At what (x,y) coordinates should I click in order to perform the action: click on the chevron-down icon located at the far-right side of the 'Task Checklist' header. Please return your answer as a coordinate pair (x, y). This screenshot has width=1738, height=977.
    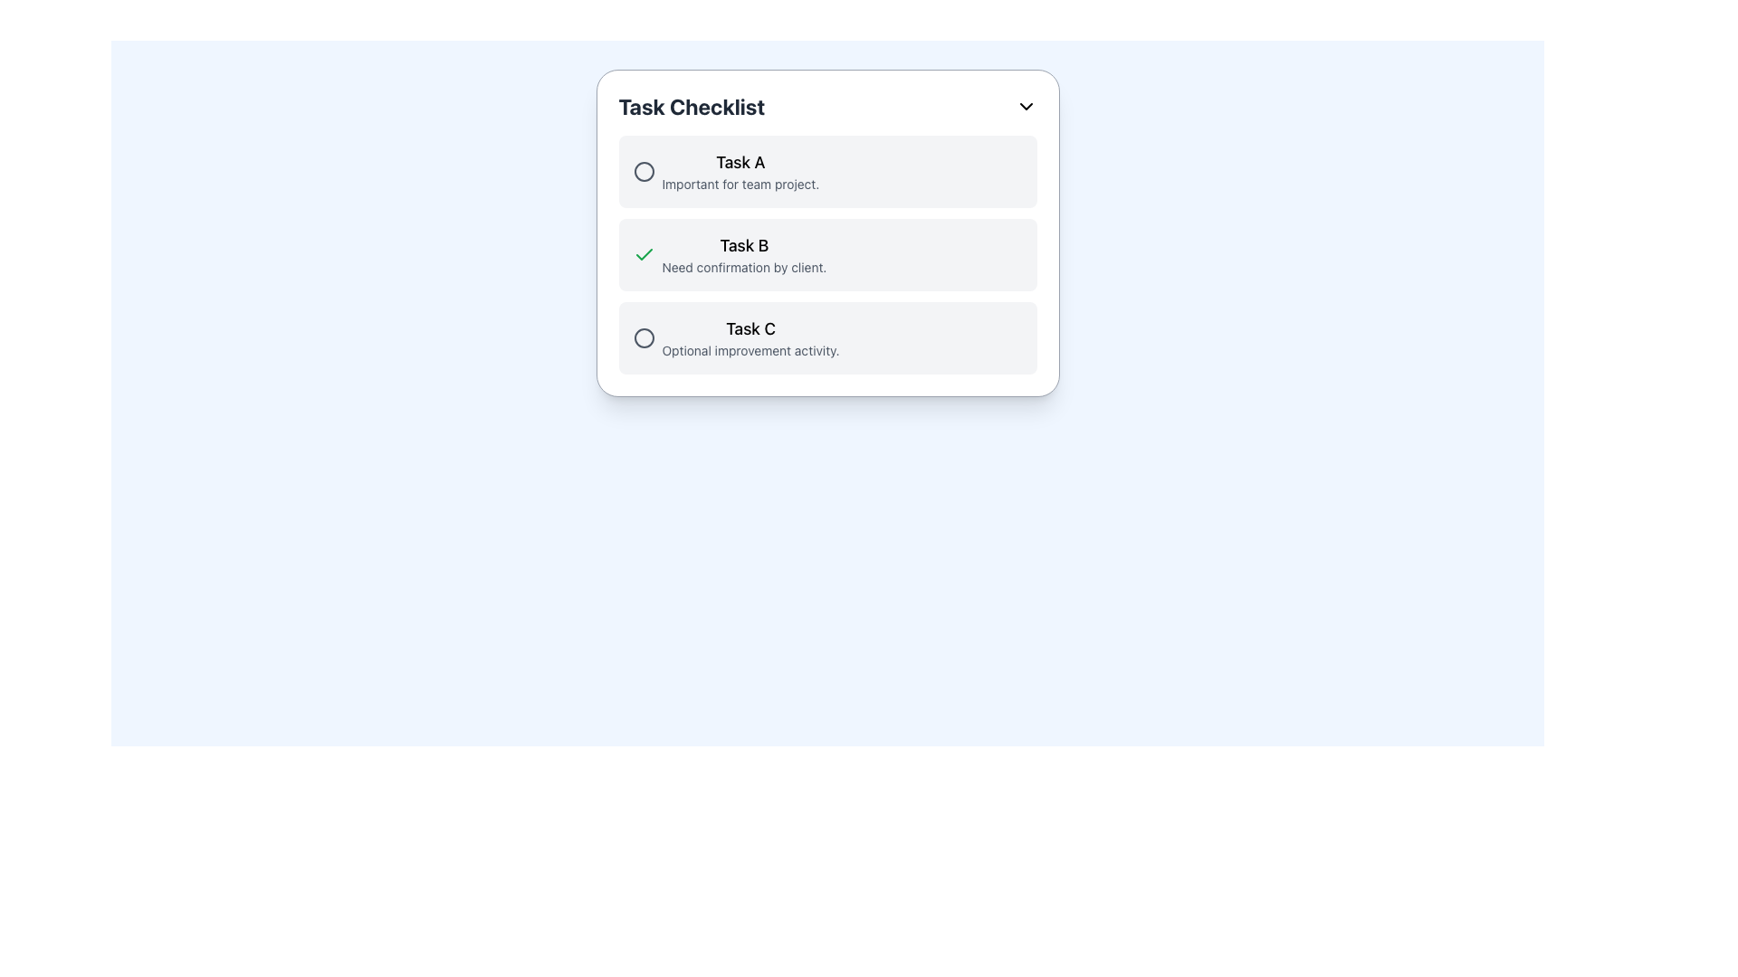
    Looking at the image, I should click on (1026, 107).